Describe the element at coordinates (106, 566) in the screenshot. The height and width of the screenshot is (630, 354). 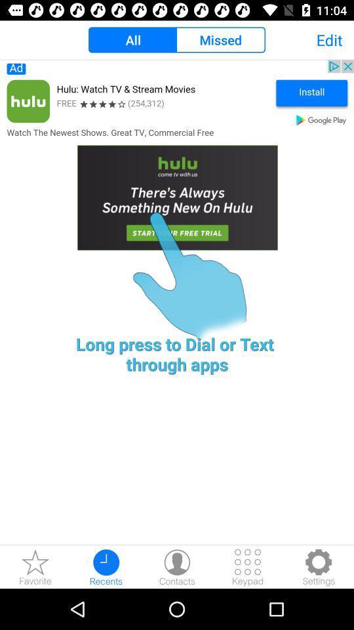
I see `recent activity` at that location.